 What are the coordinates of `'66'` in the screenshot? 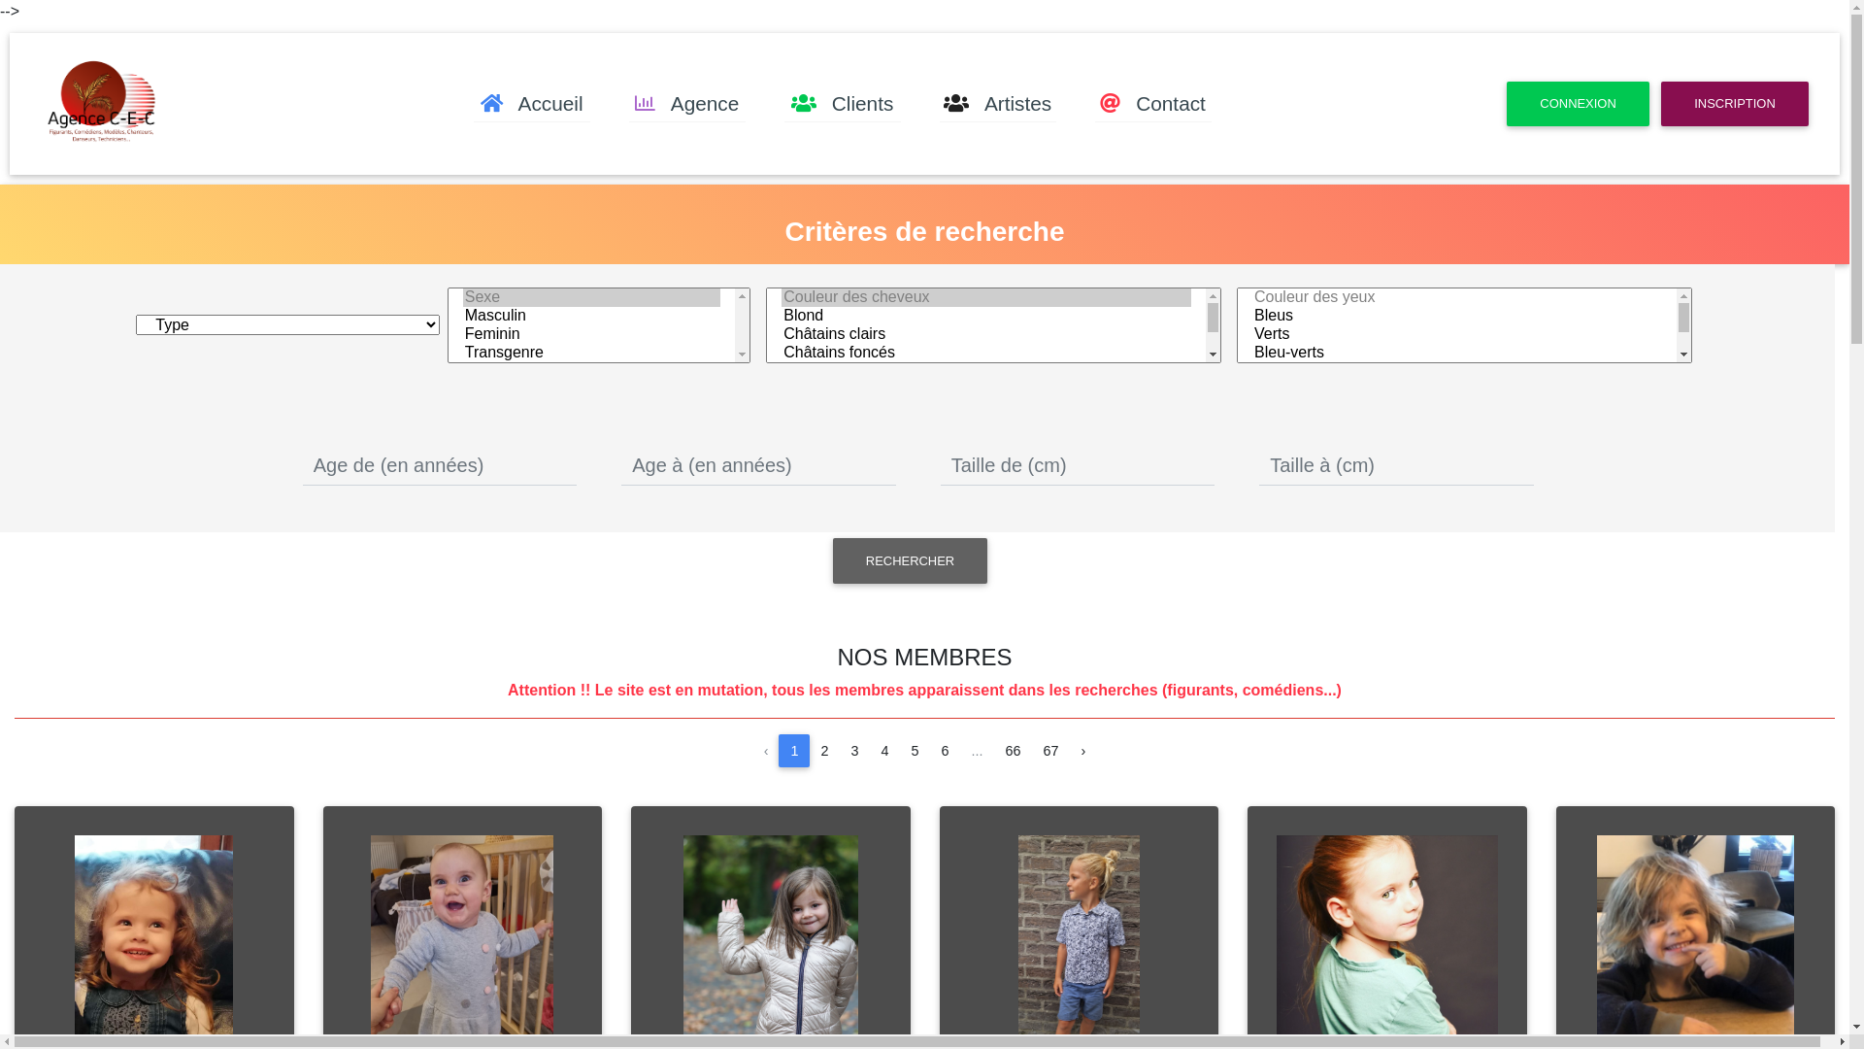 It's located at (1012, 749).